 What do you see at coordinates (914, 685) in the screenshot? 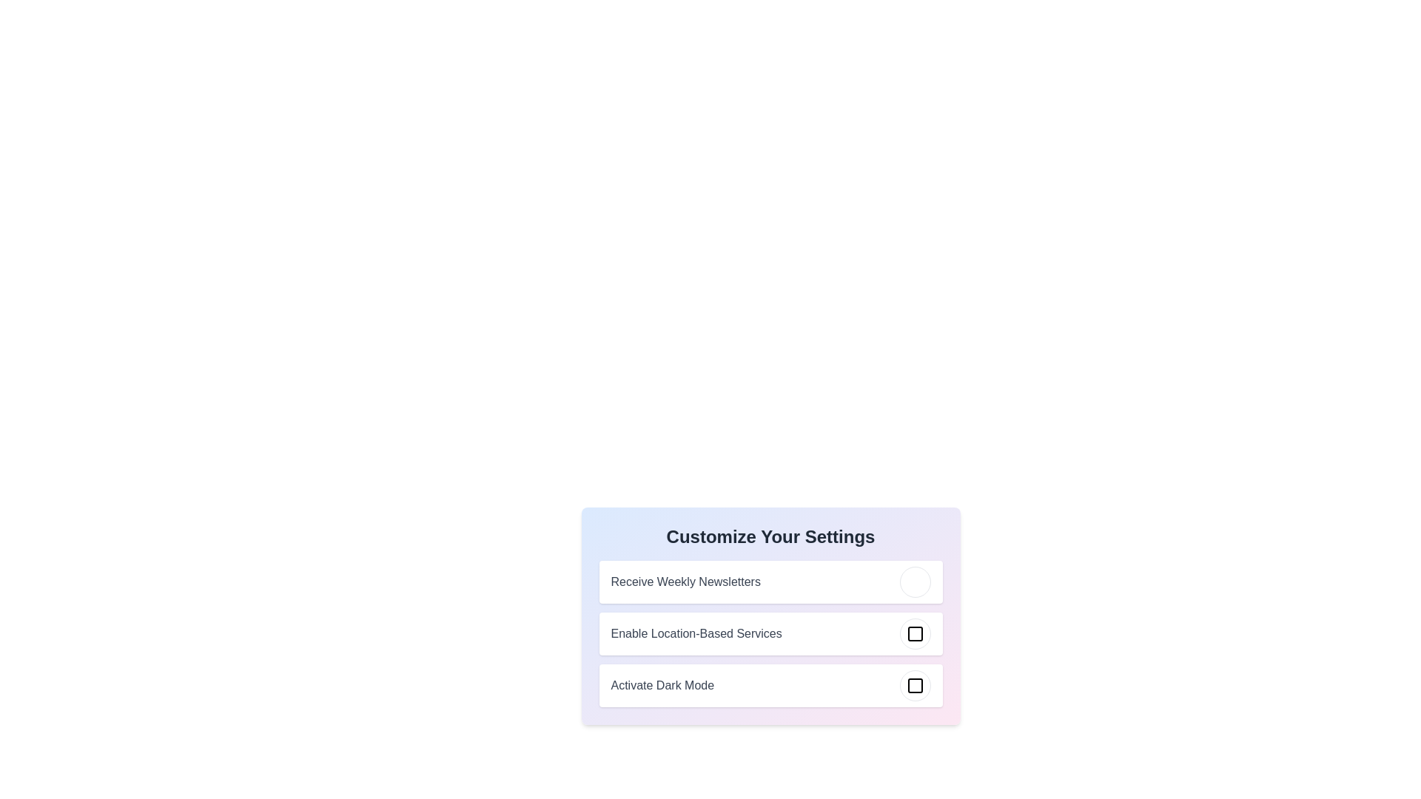
I see `the checkbox or toggle button for the 'Activate Dark Mode' setting` at bounding box center [914, 685].